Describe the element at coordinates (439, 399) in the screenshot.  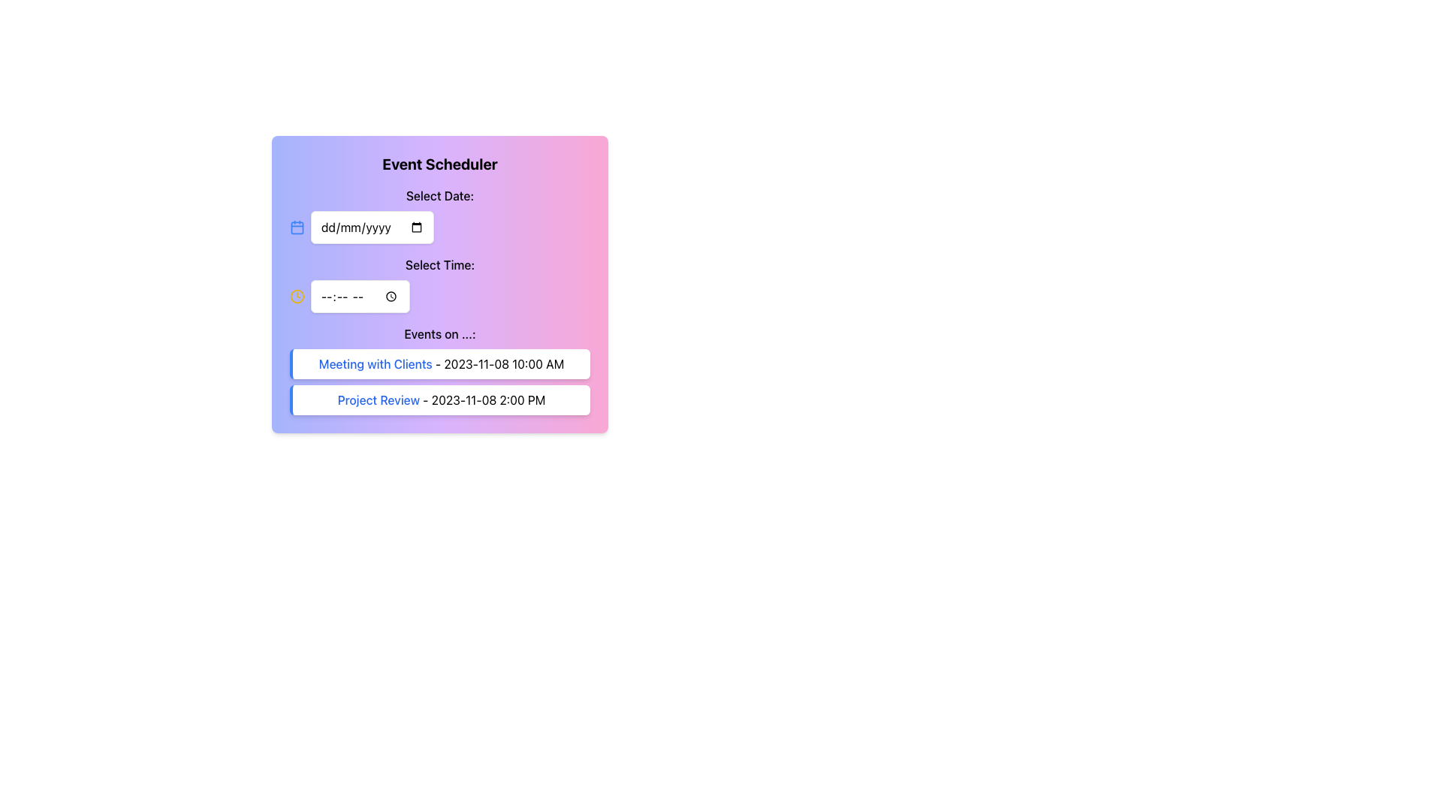
I see `the text display block that presents the scheduled event titled 'Project Review', located centrally below 'Meeting with Clients - 2023-11-08 10:00 AM'` at that location.